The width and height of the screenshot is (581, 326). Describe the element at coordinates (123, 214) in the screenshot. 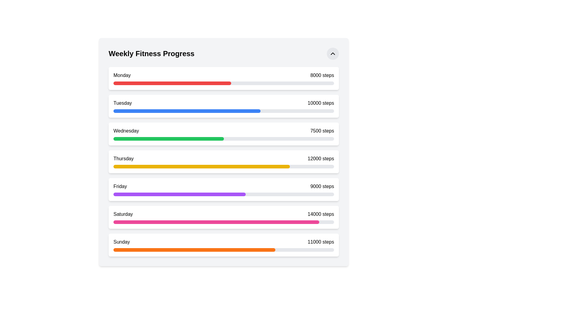

I see `the text label displaying 'Saturday' in bold style on the left side of the Saturday entry row in the weekly progress list to emphasize it` at that location.